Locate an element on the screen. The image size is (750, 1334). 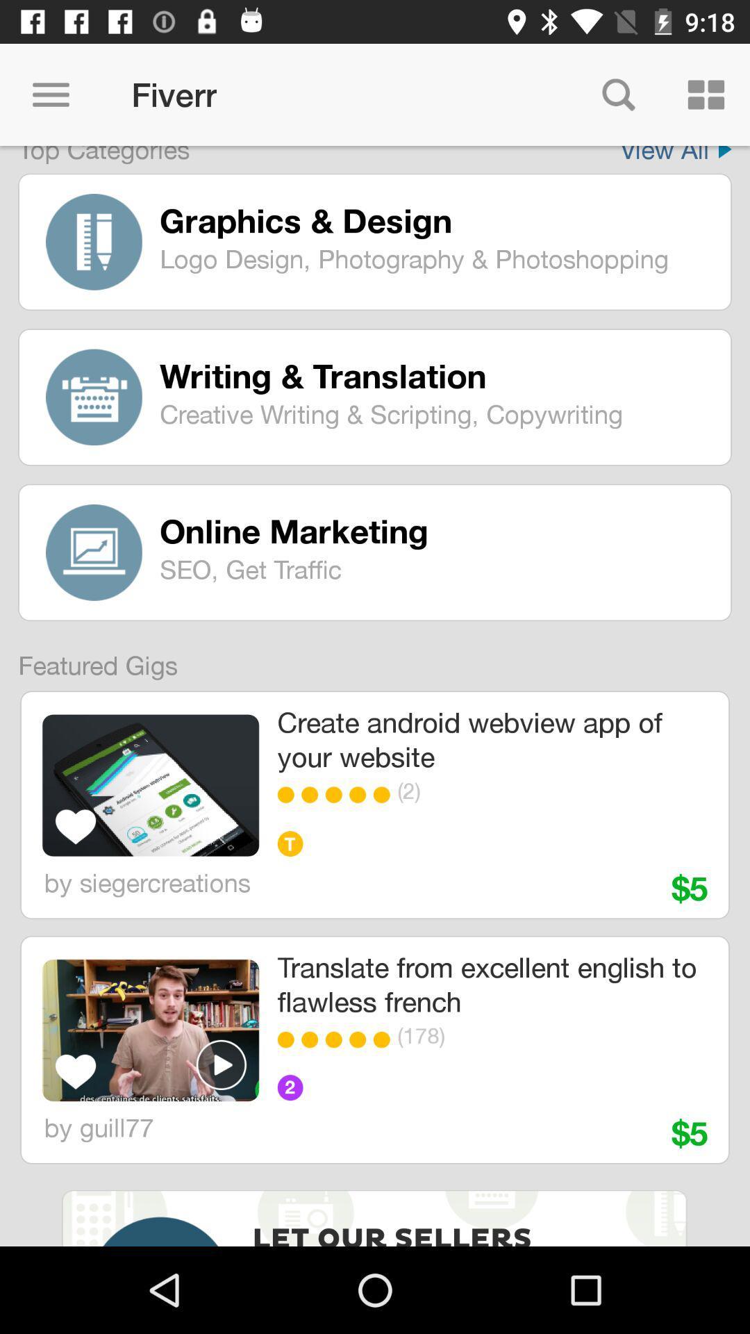
item above the creative writing scripting is located at coordinates (435, 376).